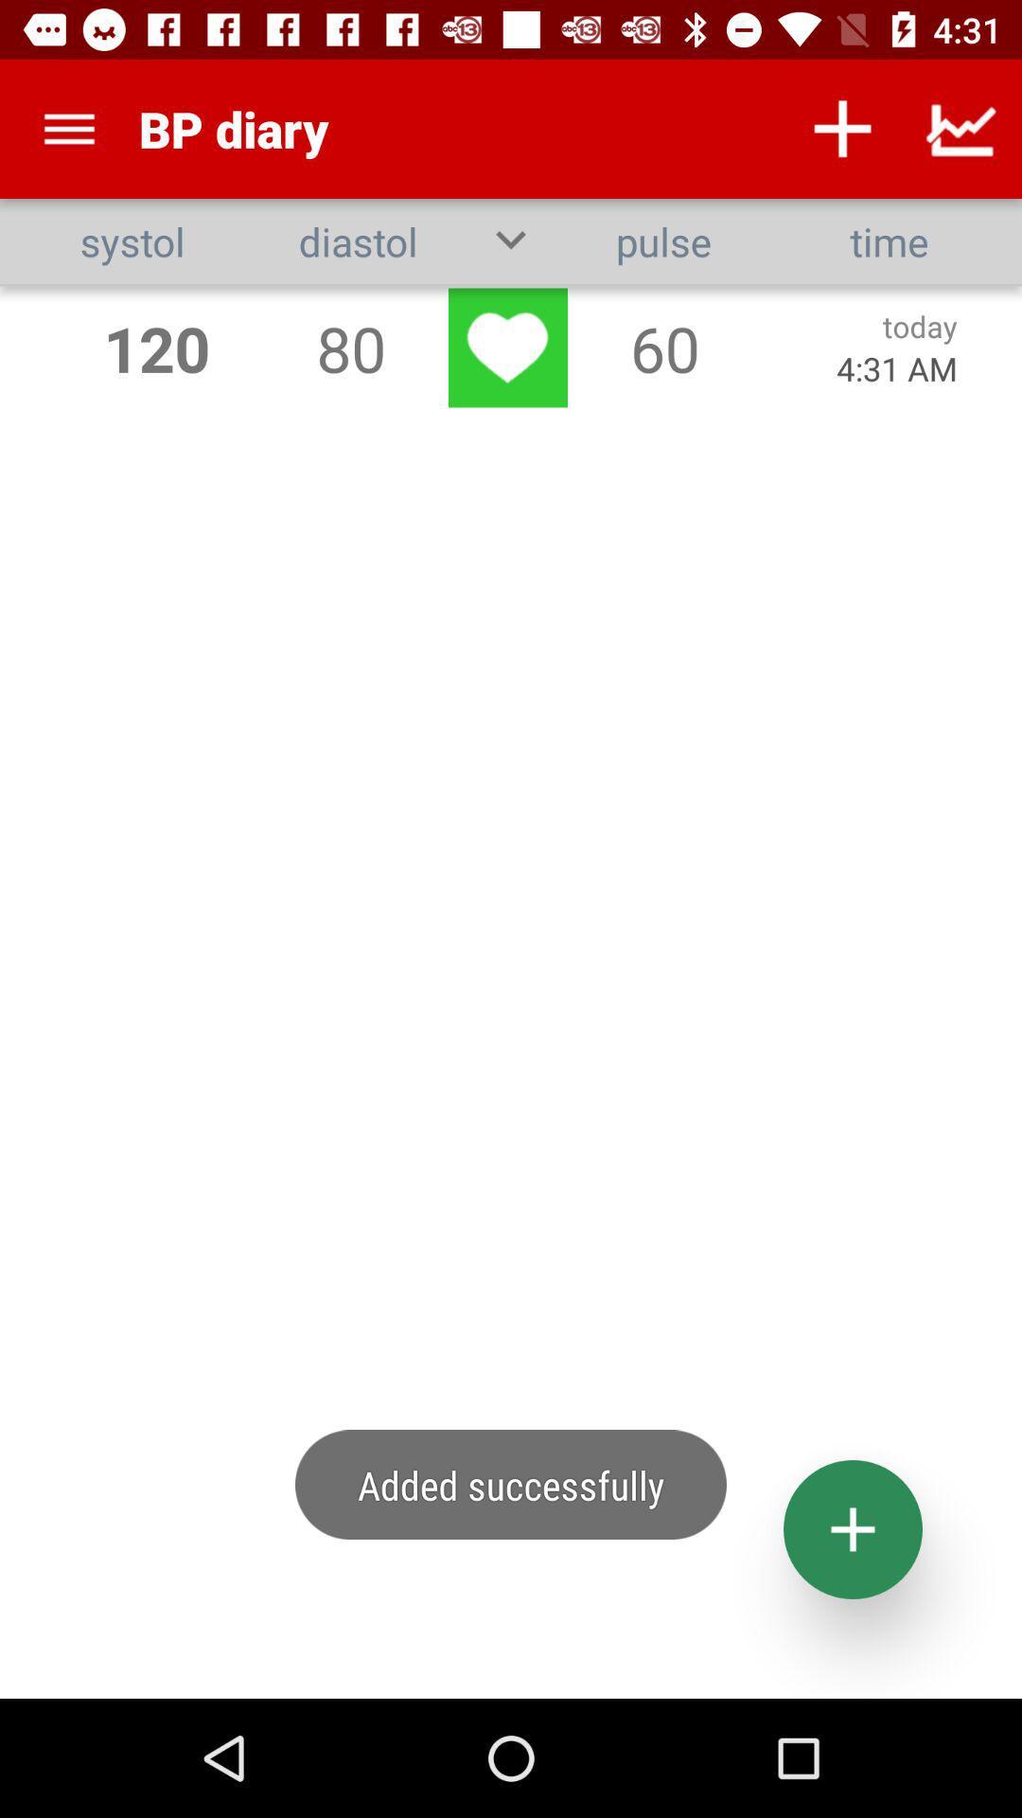 This screenshot has height=1818, width=1022. Describe the element at coordinates (896, 368) in the screenshot. I see `4:31 am` at that location.